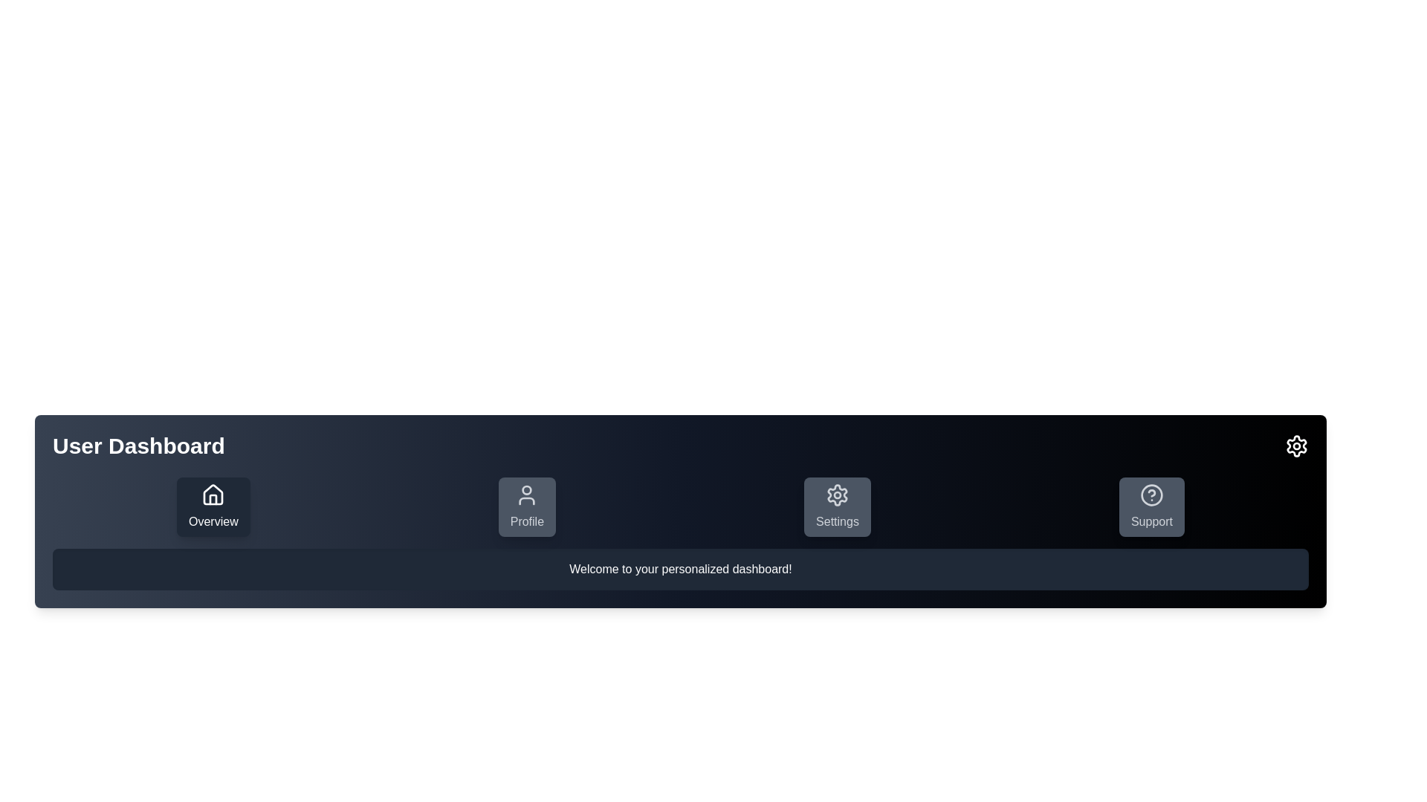  What do you see at coordinates (213, 495) in the screenshot?
I see `the 'Overview' button, which is the first item in the horizontal row of navigation icons` at bounding box center [213, 495].